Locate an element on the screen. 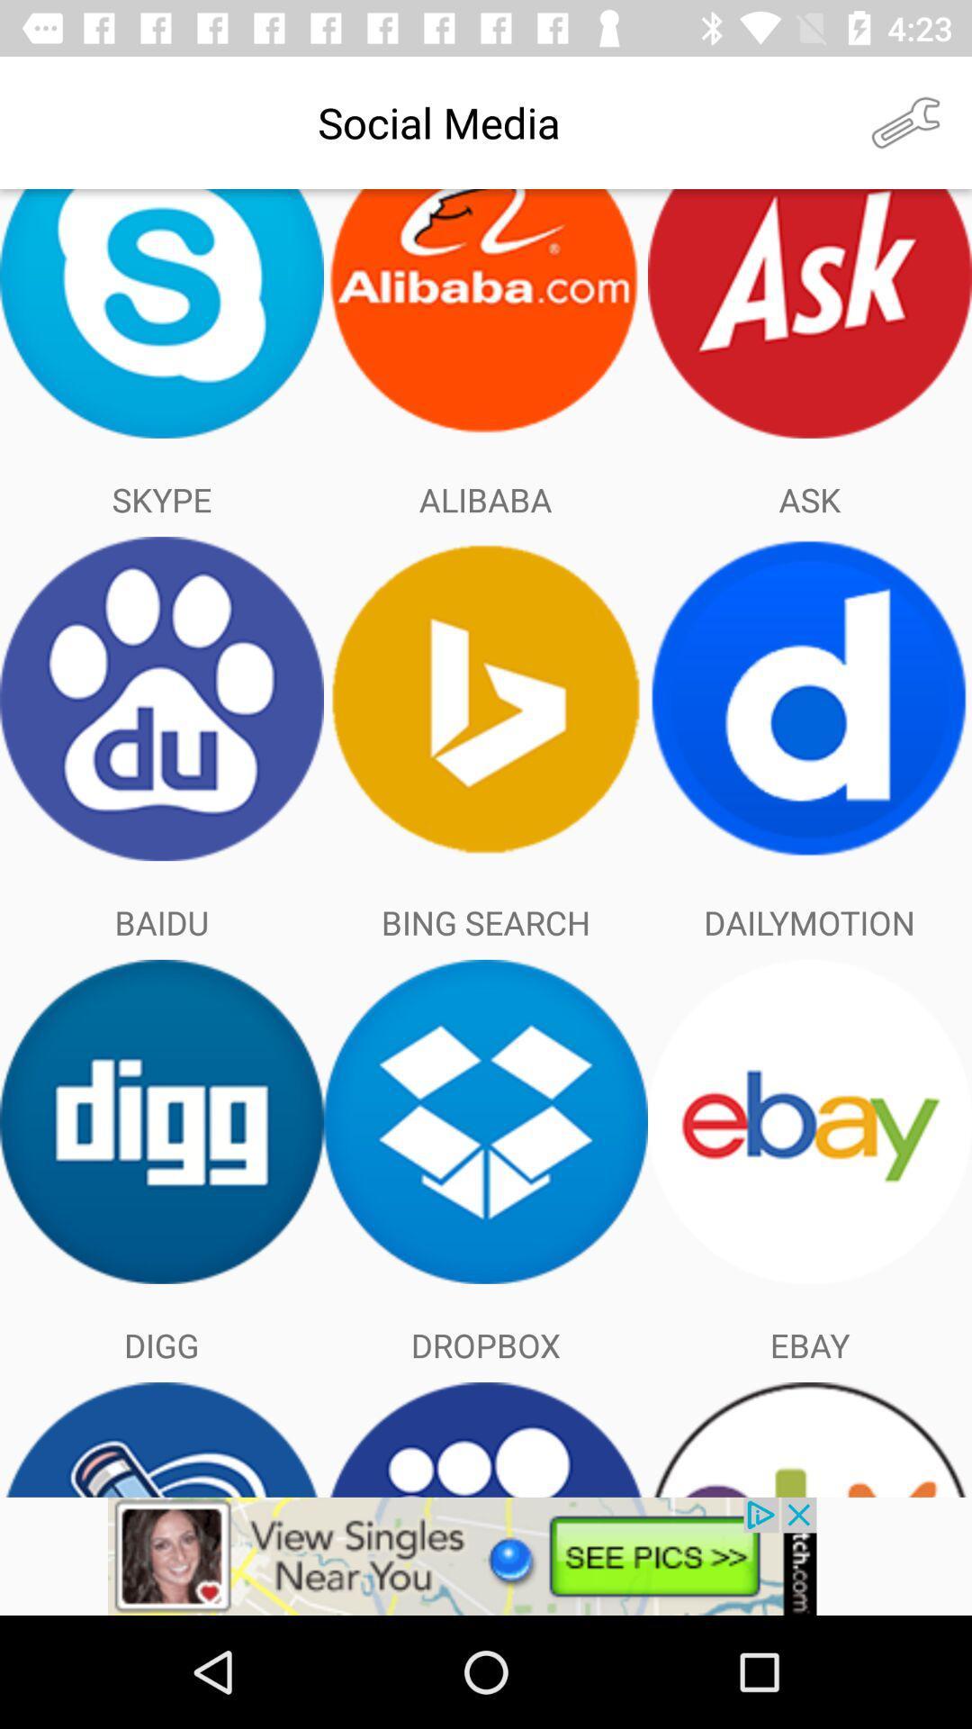  to advertisement box is located at coordinates (486, 1555).